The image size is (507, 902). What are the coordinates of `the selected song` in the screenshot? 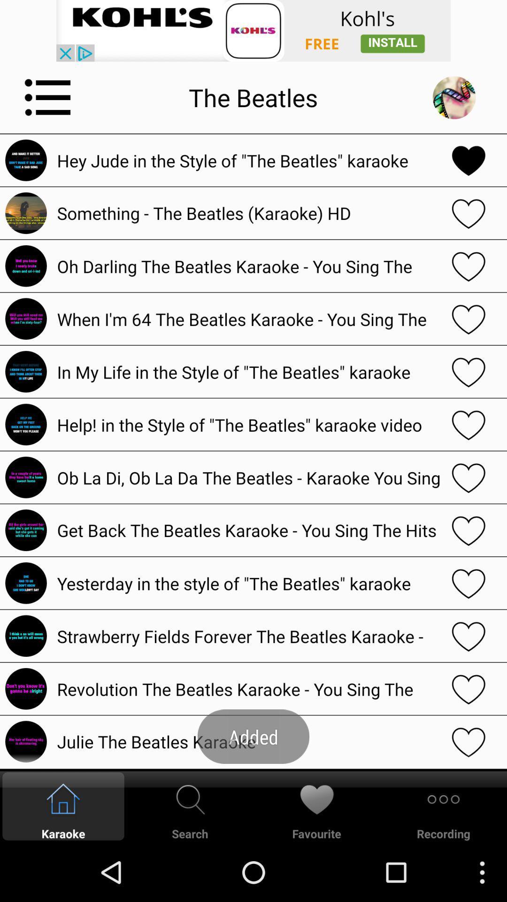 It's located at (469, 319).